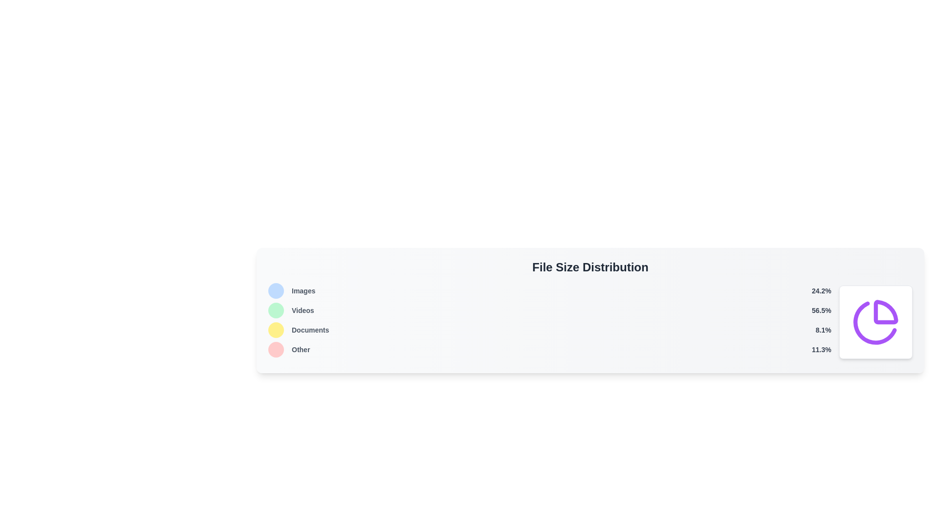 This screenshot has height=529, width=940. I want to click on the text label displaying the numerical percentage value related to the 'Images' category, so click(822, 290).